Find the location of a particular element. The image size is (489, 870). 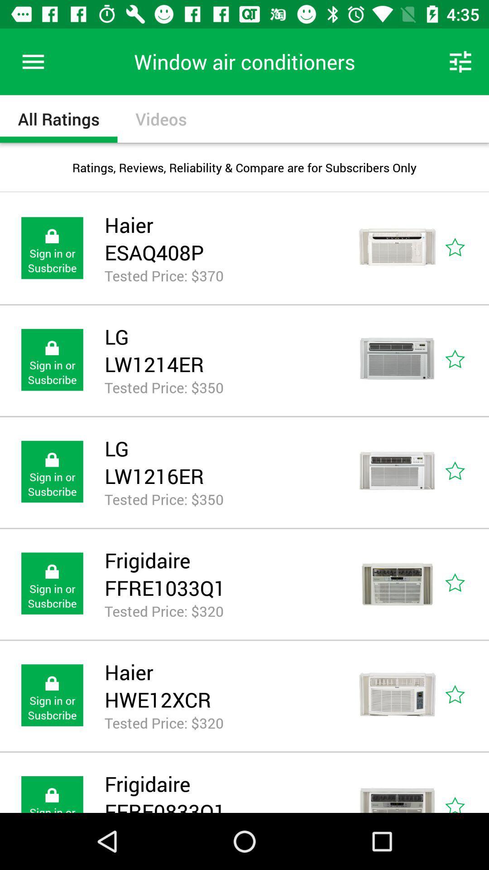

review is located at coordinates (465, 471).